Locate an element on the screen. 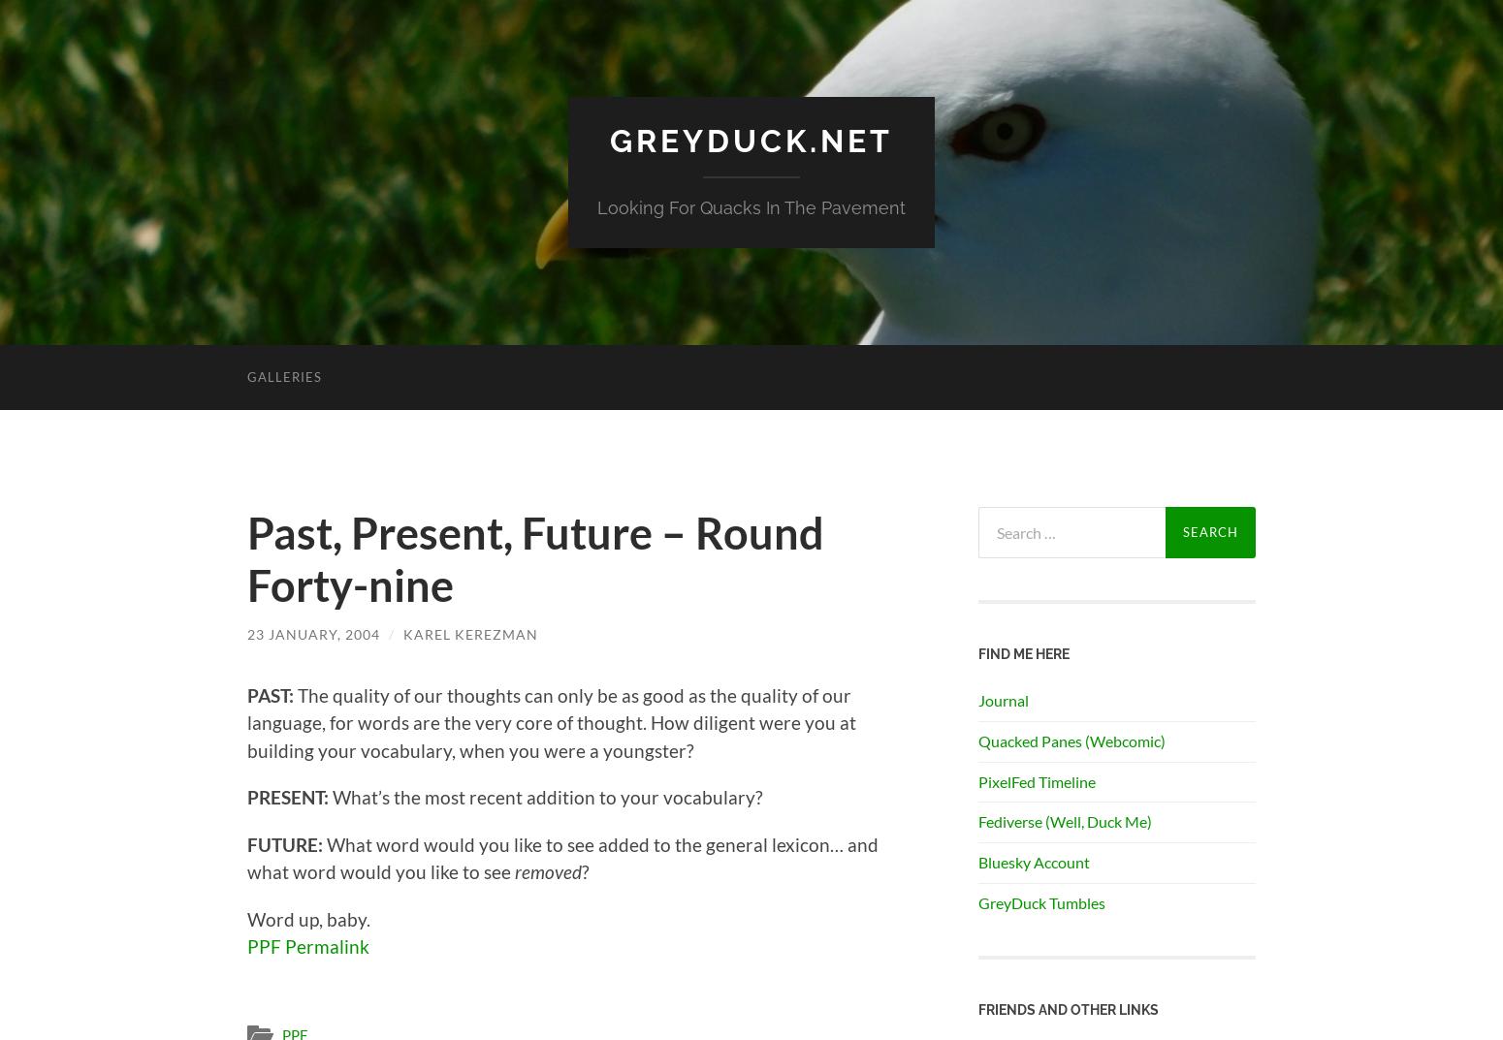 Image resolution: width=1503 pixels, height=1040 pixels. 'Friends and Other Links' is located at coordinates (978, 1008).